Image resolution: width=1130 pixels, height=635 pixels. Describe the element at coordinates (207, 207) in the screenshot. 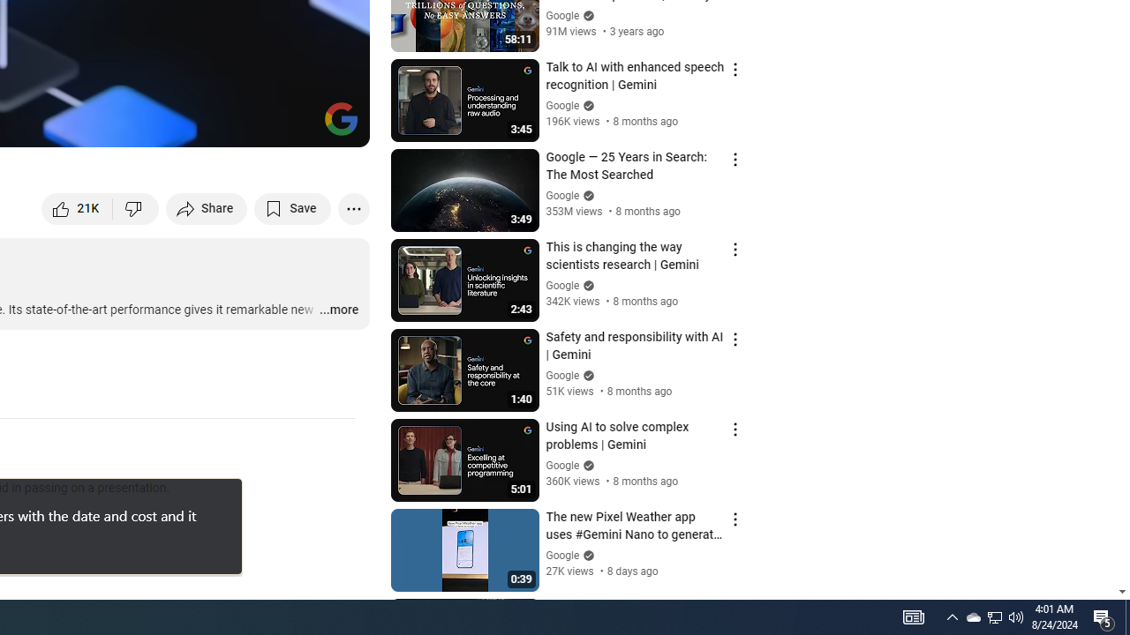

I see `'Share'` at that location.